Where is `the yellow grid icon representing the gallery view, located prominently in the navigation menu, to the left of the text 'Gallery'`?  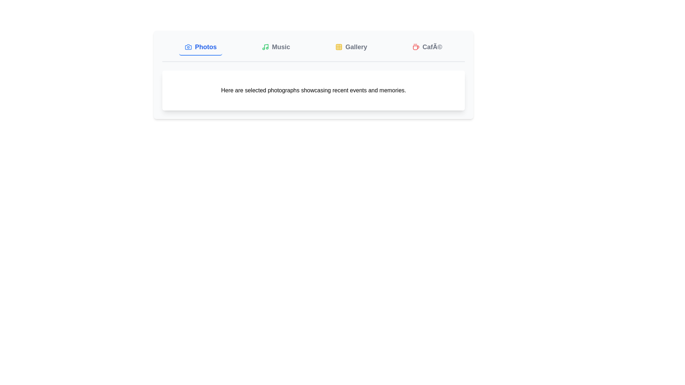
the yellow grid icon representing the gallery view, located prominently in the navigation menu, to the left of the text 'Gallery' is located at coordinates (339, 47).